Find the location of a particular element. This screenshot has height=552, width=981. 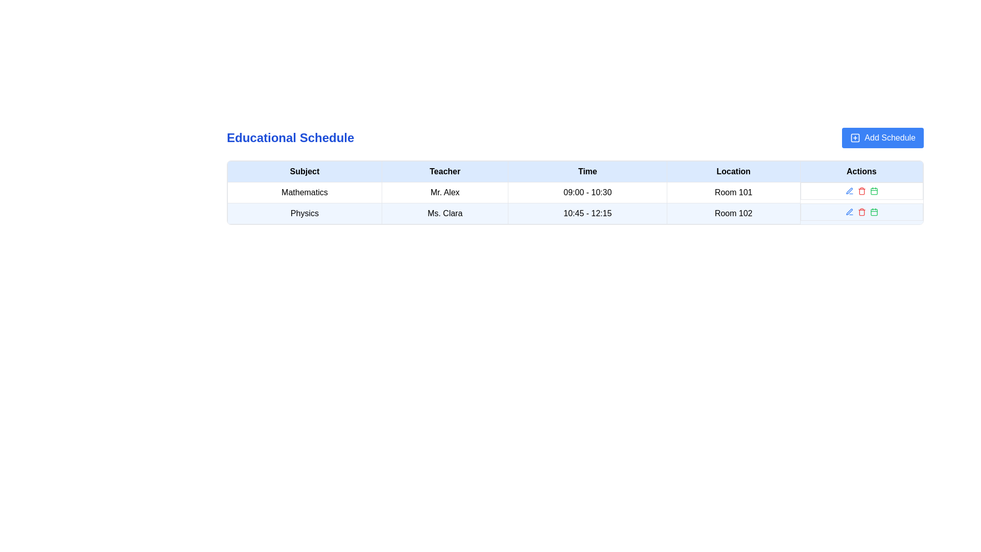

the 'Edit' icon button located in the 'Actions' column of the data table for the 'Physics' row is located at coordinates (849, 191).